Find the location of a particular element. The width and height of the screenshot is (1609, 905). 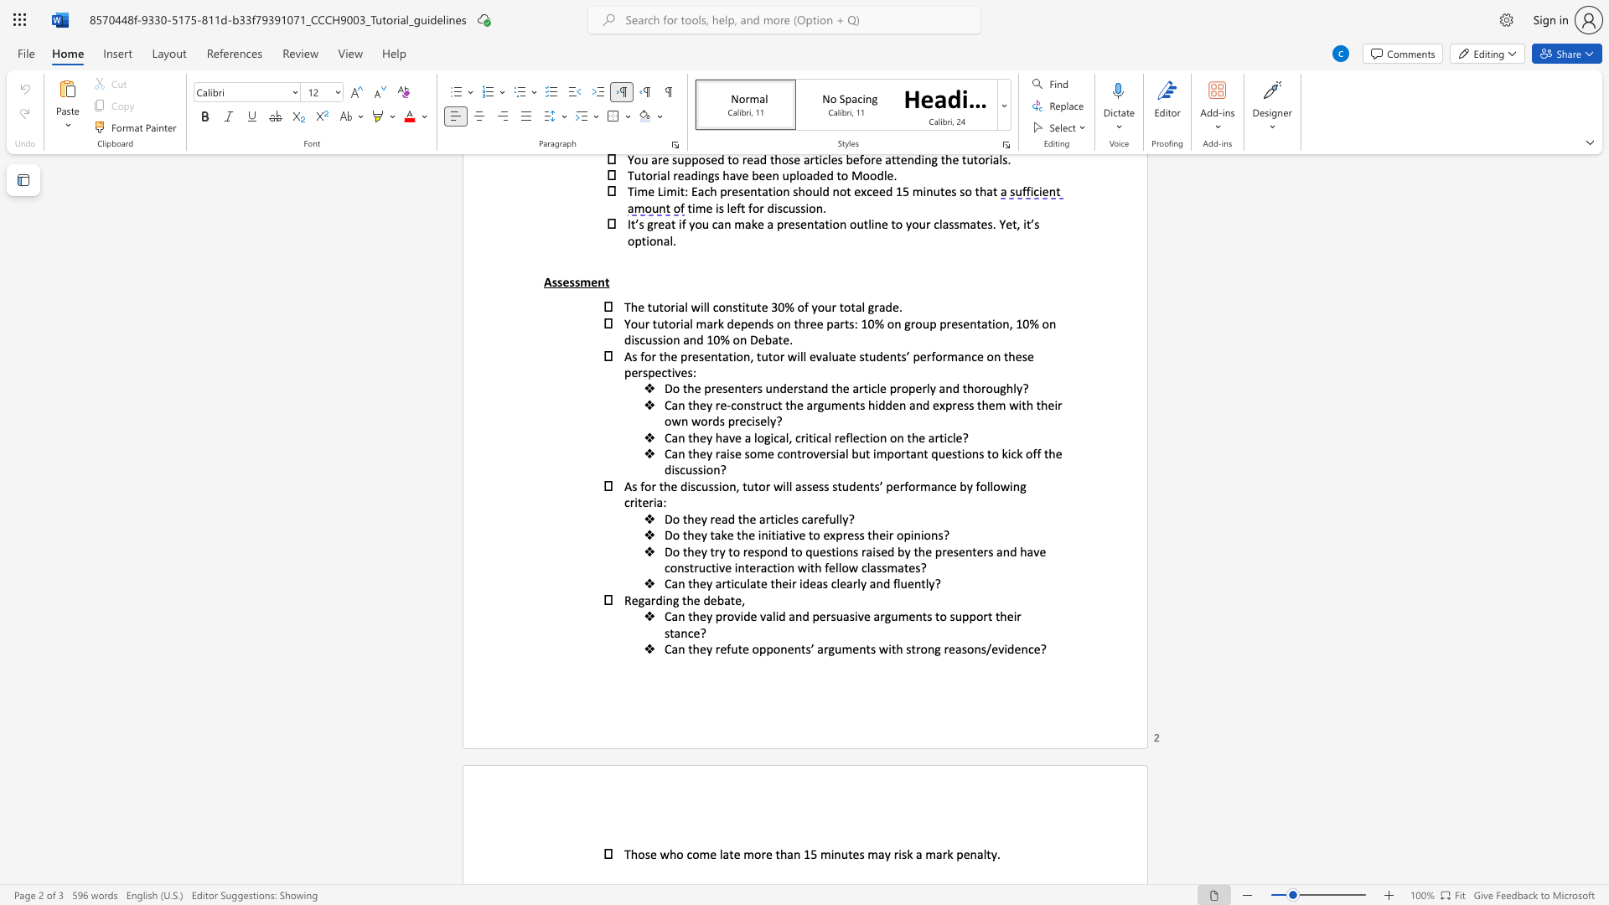

the subset text "ions raised by the presenters and have constructive interaction with fel" within the text "Do they try to respond to questions raised by the presenters and have constructive interaction with fellow classmates?" is located at coordinates (836, 551).